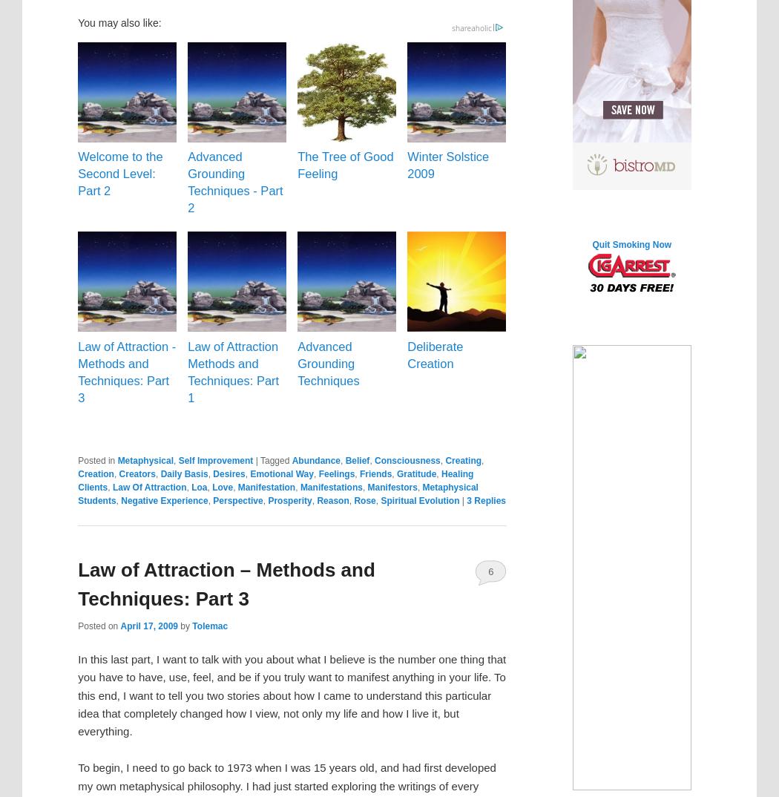 This screenshot has width=779, height=797. Describe the element at coordinates (468, 500) in the screenshot. I see `'3'` at that location.